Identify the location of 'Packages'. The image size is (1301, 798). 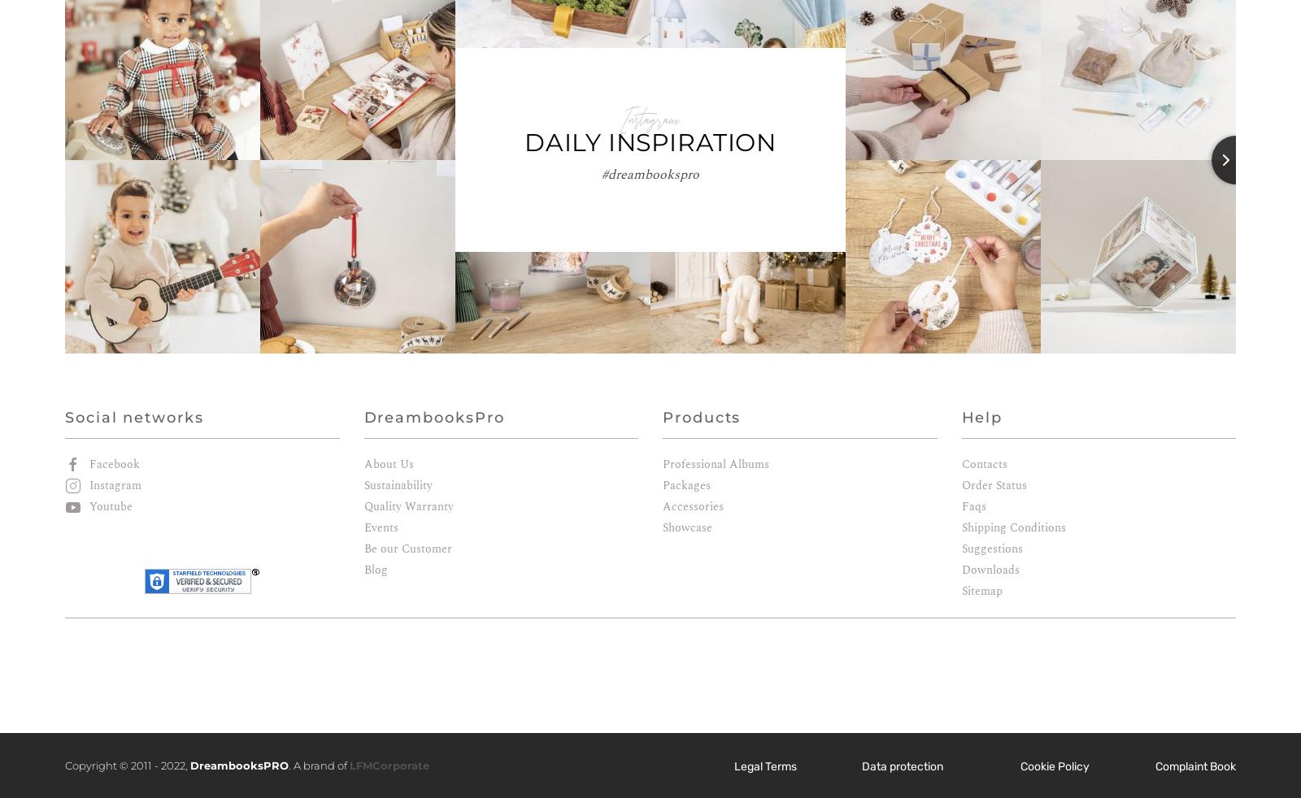
(685, 484).